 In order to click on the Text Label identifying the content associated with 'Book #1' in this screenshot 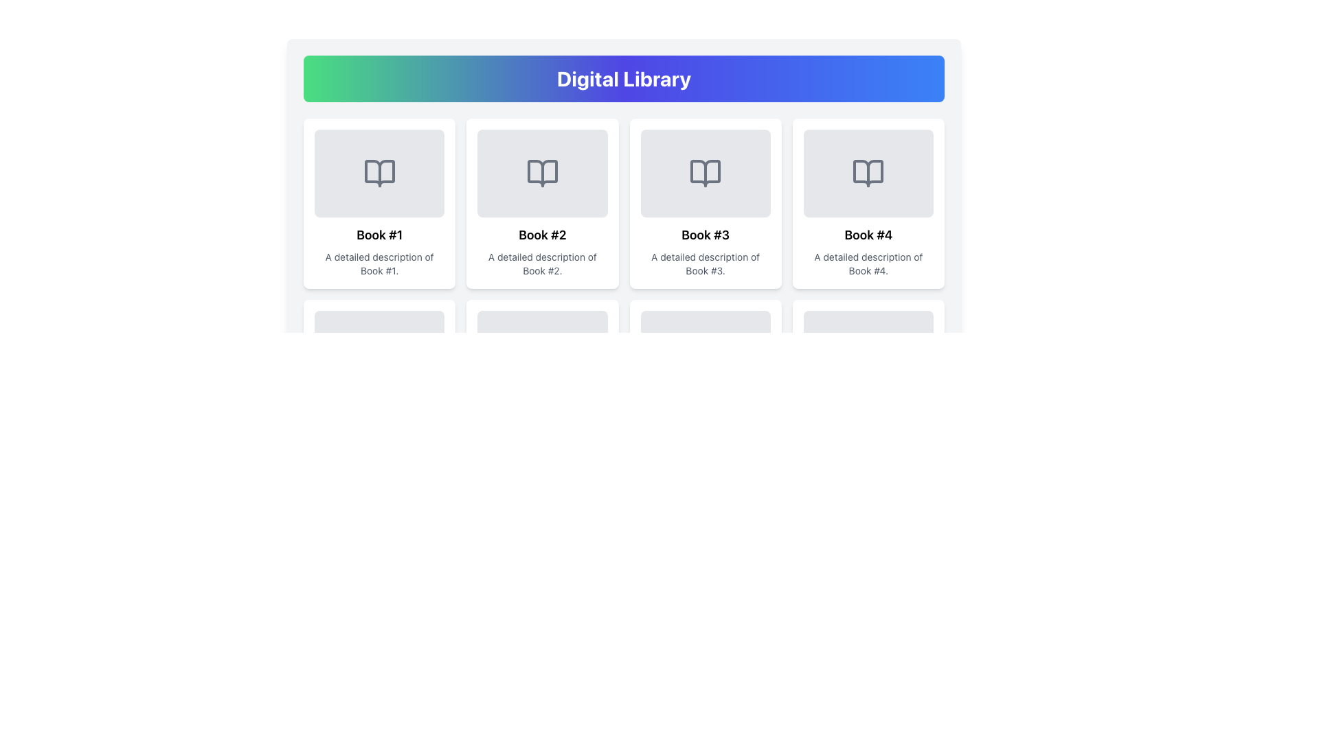, I will do `click(379, 235)`.